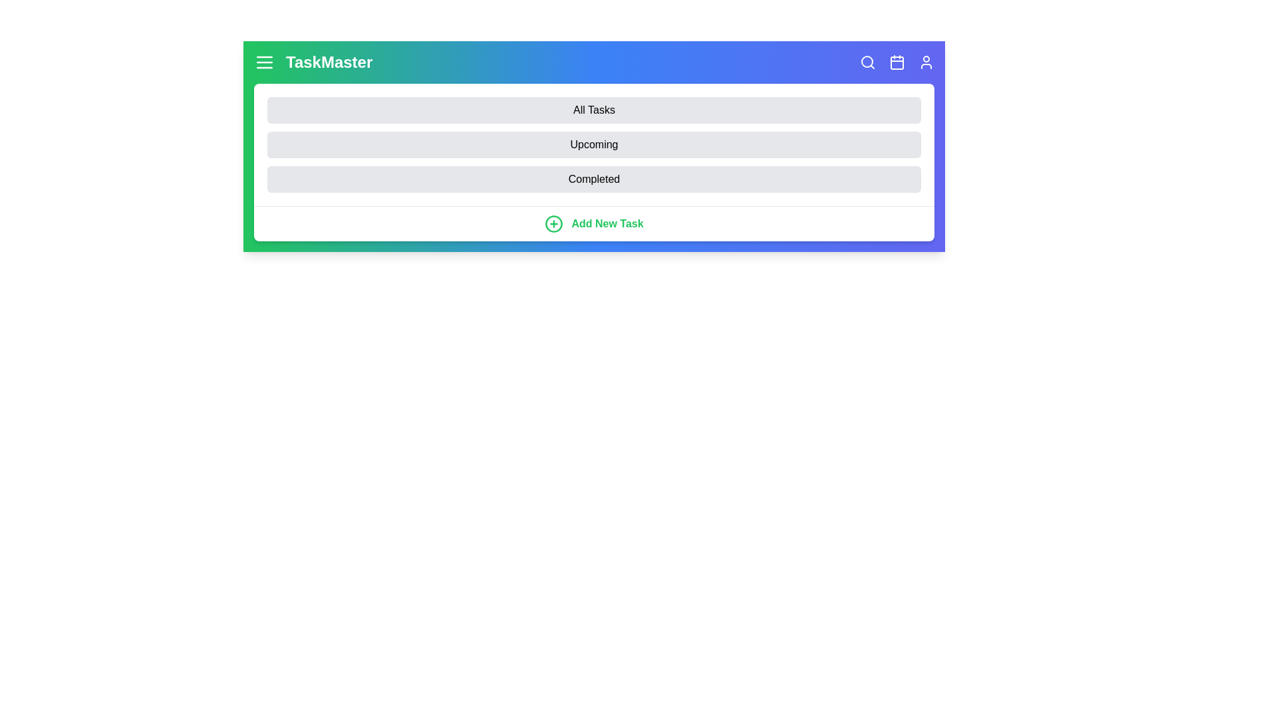 Image resolution: width=1277 pixels, height=718 pixels. What do you see at coordinates (897, 62) in the screenshot?
I see `the calendar icon to open the calendar view` at bounding box center [897, 62].